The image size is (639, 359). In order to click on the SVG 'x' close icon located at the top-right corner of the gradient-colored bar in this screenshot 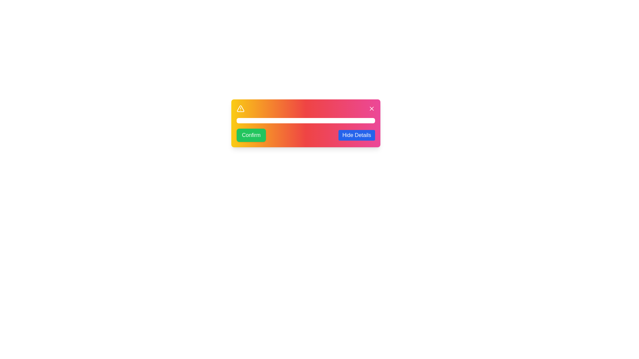, I will do `click(371, 108)`.